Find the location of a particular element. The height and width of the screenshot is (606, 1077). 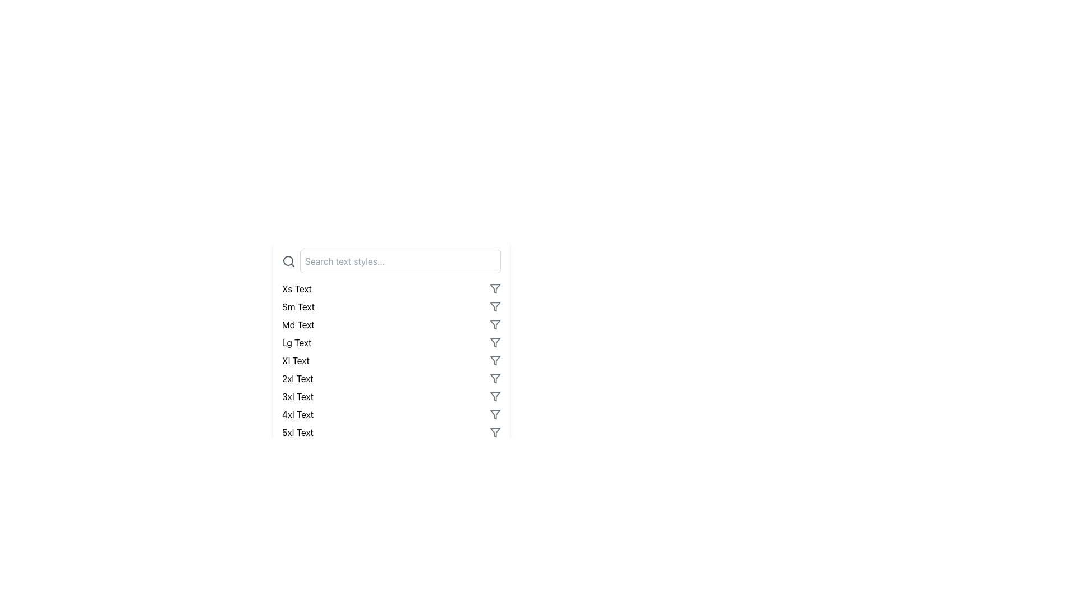

the text label displaying 'Sm Text', which is the second item in a vertical list of text labels, positioned below 'Xs Text' and above 'Md Text' is located at coordinates (298, 307).